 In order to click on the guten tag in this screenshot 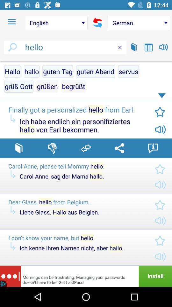, I will do `click(58, 71)`.